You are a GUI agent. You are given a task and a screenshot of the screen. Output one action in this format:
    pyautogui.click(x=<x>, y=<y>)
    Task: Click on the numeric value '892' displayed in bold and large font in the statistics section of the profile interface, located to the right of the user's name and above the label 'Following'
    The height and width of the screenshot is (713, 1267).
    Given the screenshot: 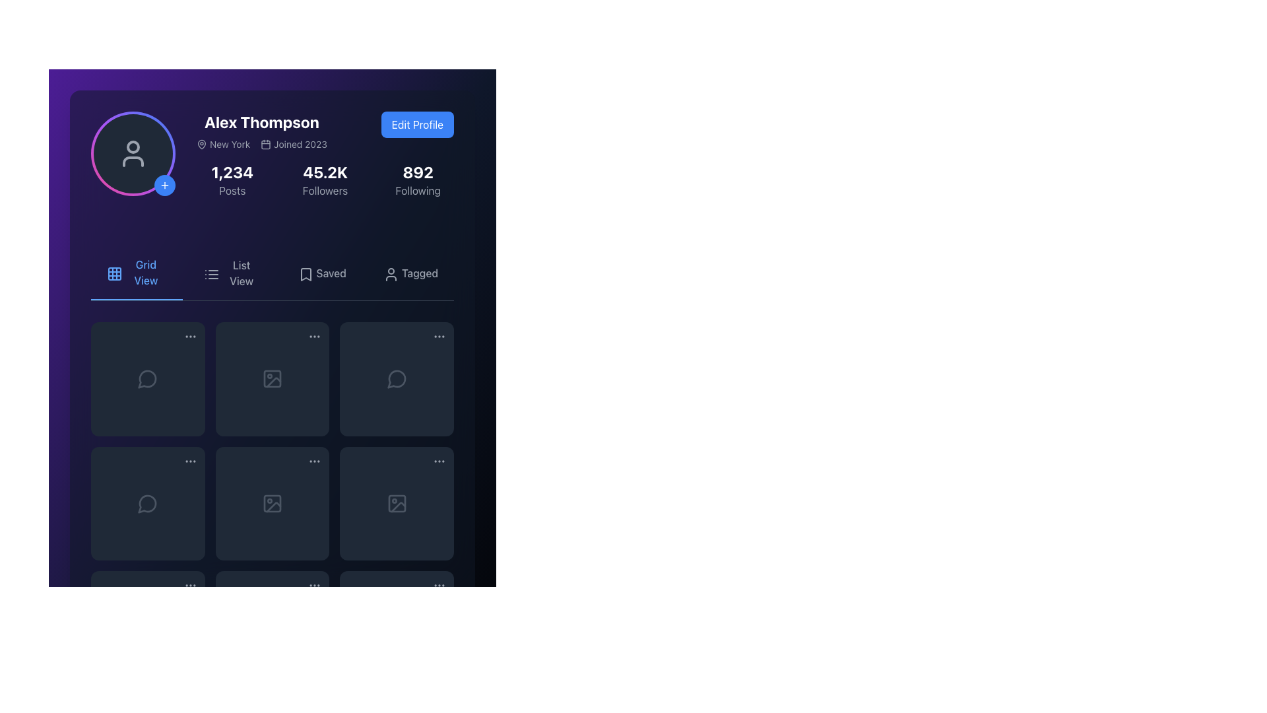 What is the action you would take?
    pyautogui.click(x=417, y=172)
    